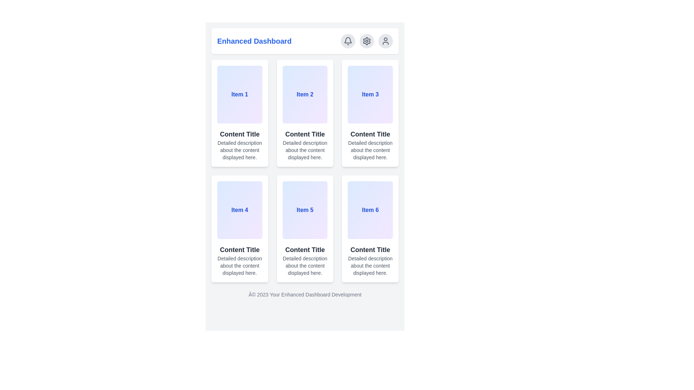  I want to click on the 'Item 1' card located, so click(240, 94).